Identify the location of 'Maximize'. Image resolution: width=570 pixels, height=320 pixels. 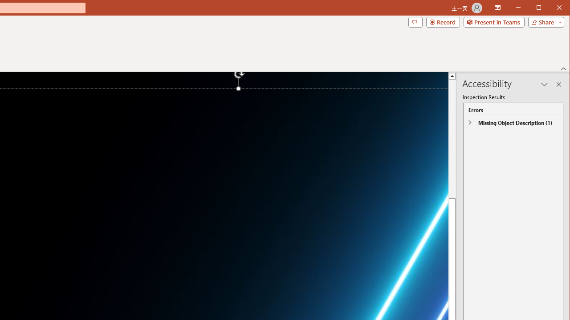
(551, 8).